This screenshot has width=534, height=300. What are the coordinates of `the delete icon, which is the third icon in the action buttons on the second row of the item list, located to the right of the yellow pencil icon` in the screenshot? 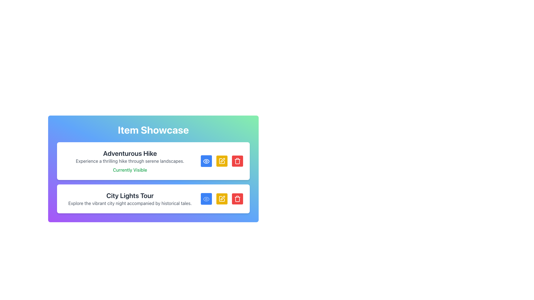 It's located at (238, 199).